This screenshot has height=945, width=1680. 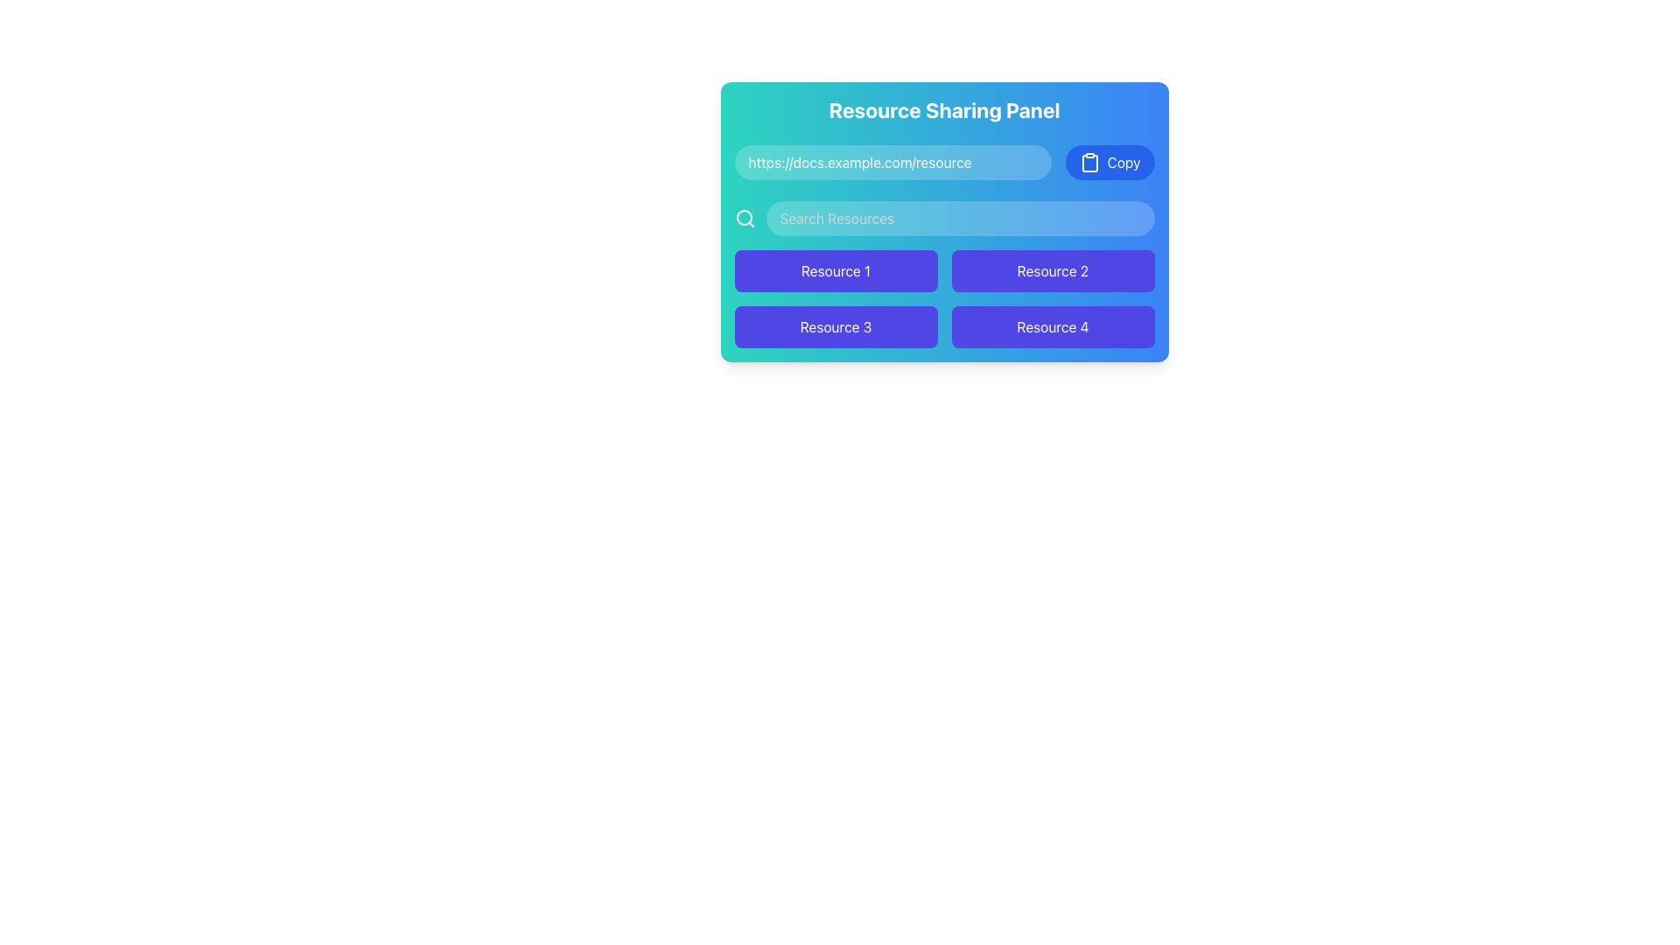 What do you see at coordinates (1052, 327) in the screenshot?
I see `the fourth button in a grid layout` at bounding box center [1052, 327].